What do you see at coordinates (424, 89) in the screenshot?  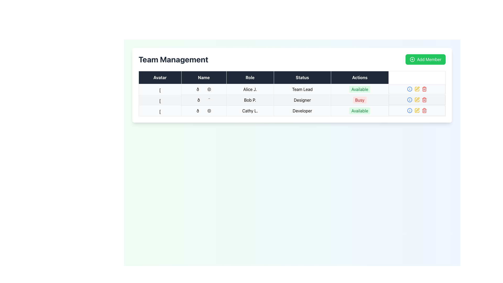 I see `the delete button located in the 'Actions' column of the table, which is positioned as the last icon in the sequence of actionable items for a user` at bounding box center [424, 89].